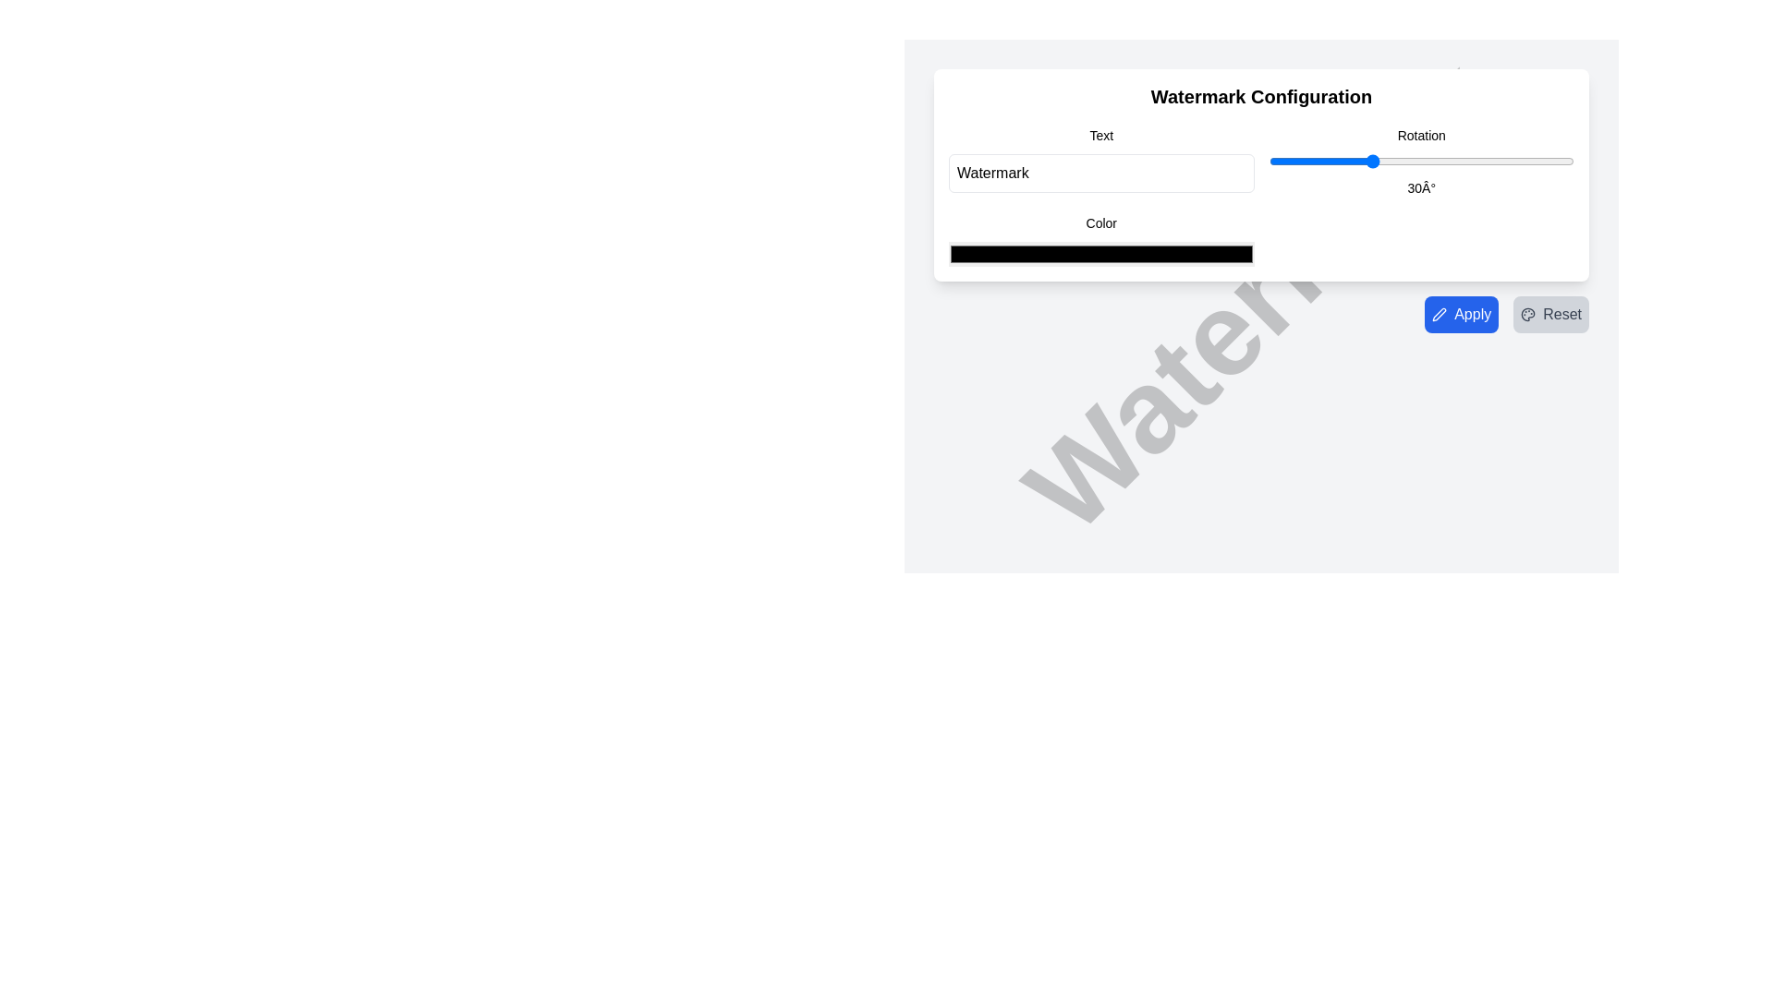  I want to click on the pen icon located inside the blue 'Apply' button in the bottom right corner of the interface, so click(1439, 313).